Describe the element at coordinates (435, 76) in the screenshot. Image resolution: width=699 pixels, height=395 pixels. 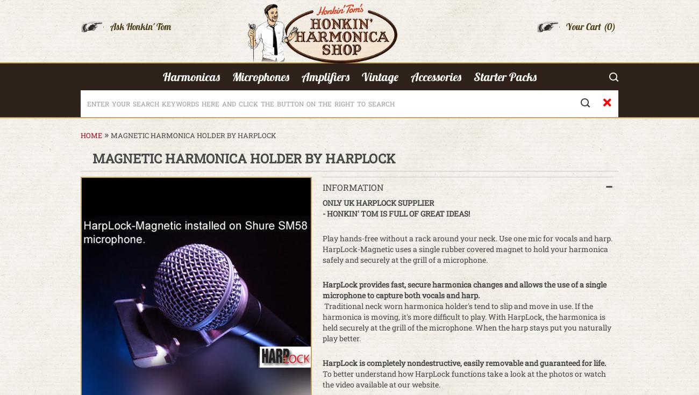
I see `'Accessories'` at that location.